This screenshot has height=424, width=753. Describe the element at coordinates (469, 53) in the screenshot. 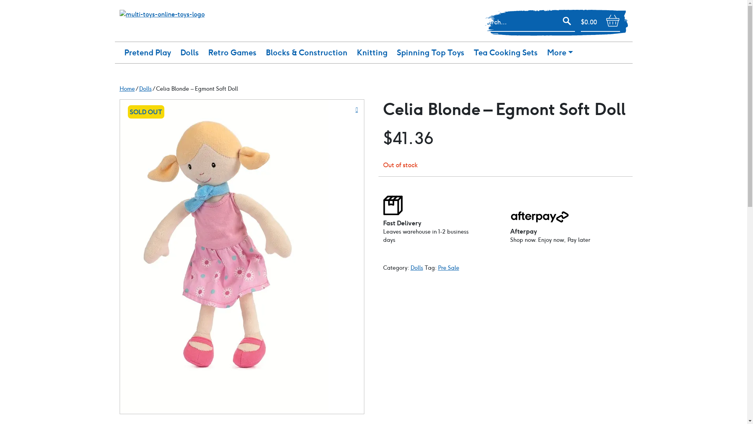

I see `'Tea Cooking Sets'` at that location.